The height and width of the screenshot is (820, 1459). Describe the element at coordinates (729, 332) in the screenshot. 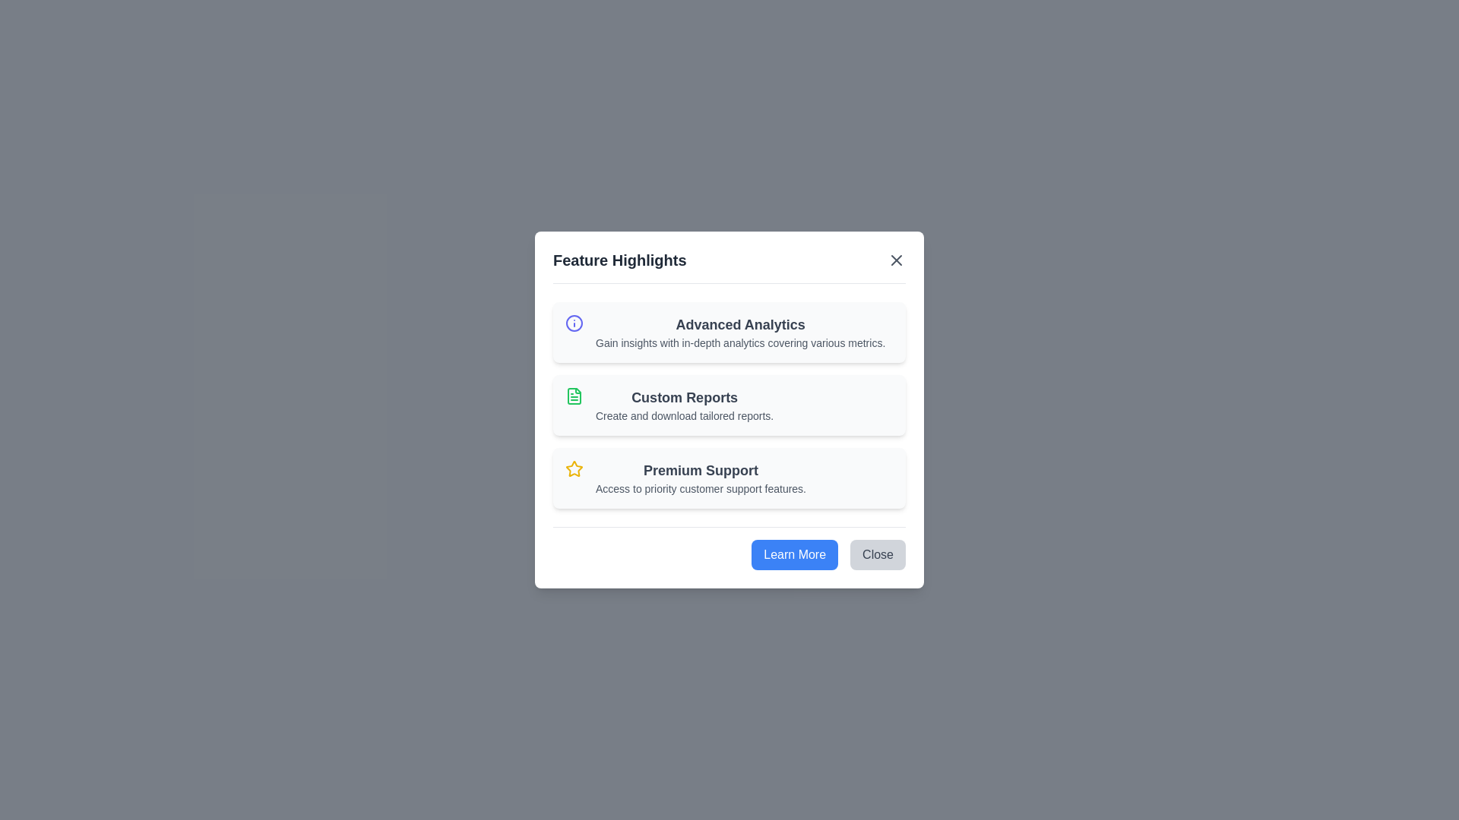

I see `the first feature block in the 'Feature Highlights' modal that provides an informational summary about the 'Advanced Analytics' feature` at that location.